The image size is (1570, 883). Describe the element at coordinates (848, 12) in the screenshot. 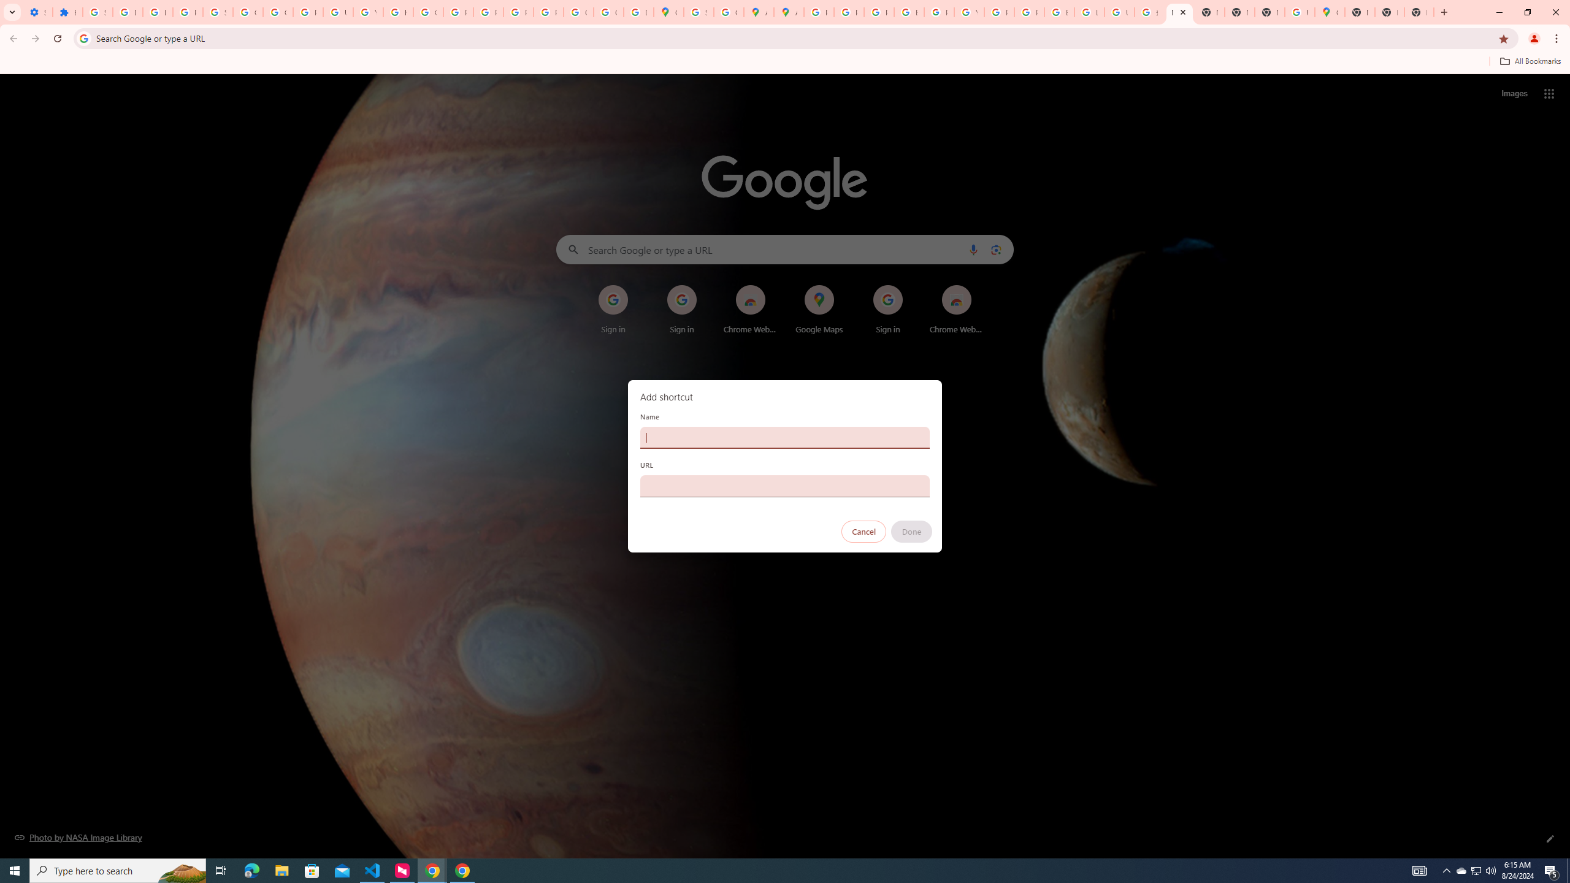

I see `'Privacy Help Center - Policies Help'` at that location.